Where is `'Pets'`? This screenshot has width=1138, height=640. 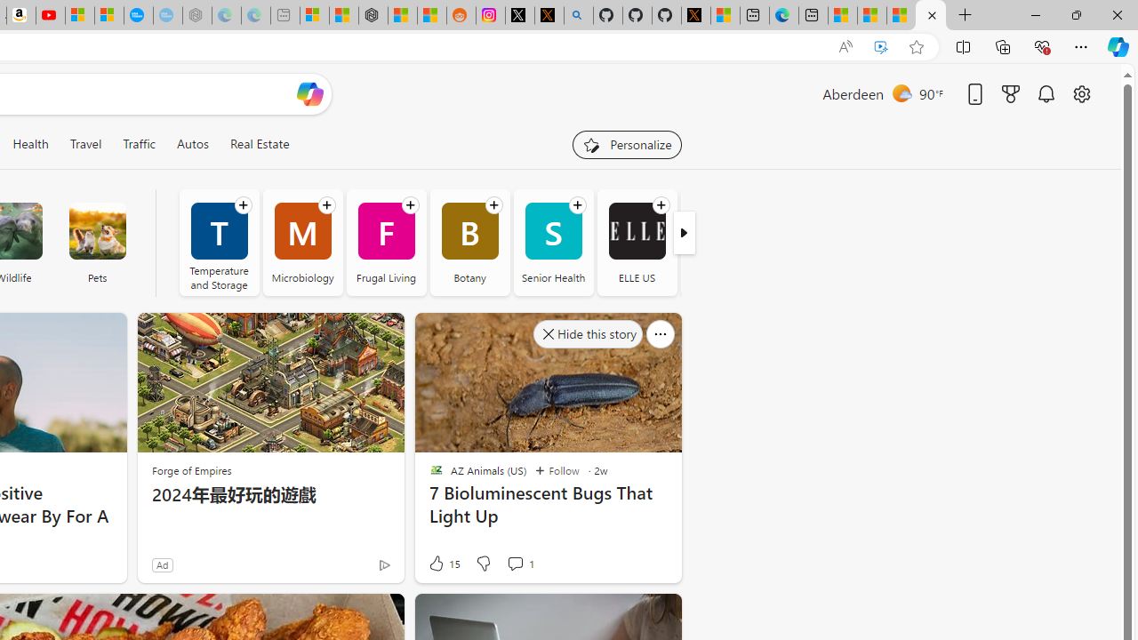
'Pets' is located at coordinates (96, 242).